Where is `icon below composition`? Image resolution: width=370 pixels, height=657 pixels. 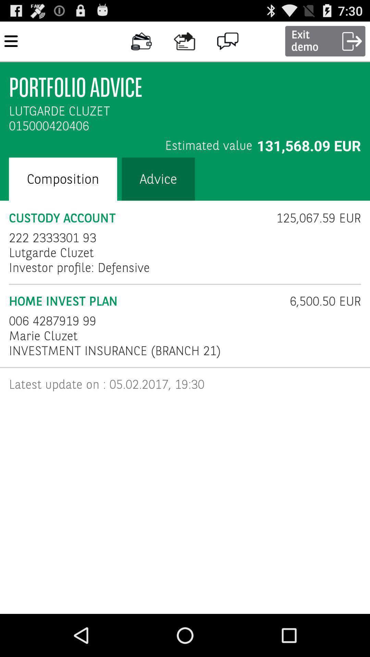
icon below composition is located at coordinates (138, 218).